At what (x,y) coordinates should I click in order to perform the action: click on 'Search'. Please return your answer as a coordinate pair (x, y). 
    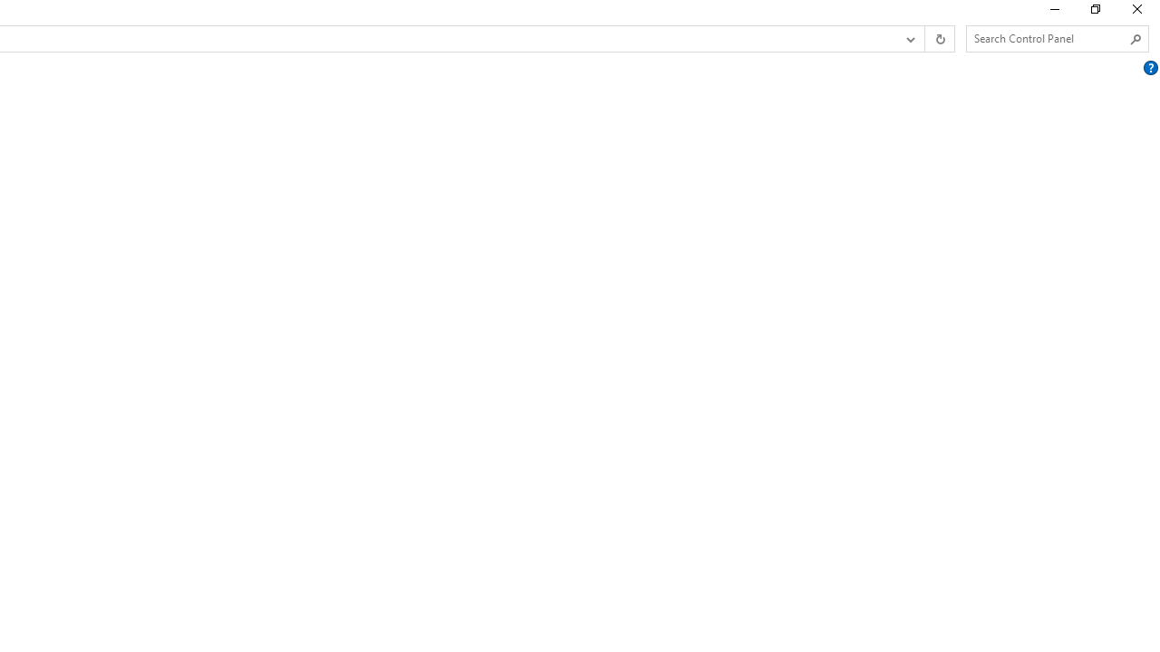
    Looking at the image, I should click on (1135, 39).